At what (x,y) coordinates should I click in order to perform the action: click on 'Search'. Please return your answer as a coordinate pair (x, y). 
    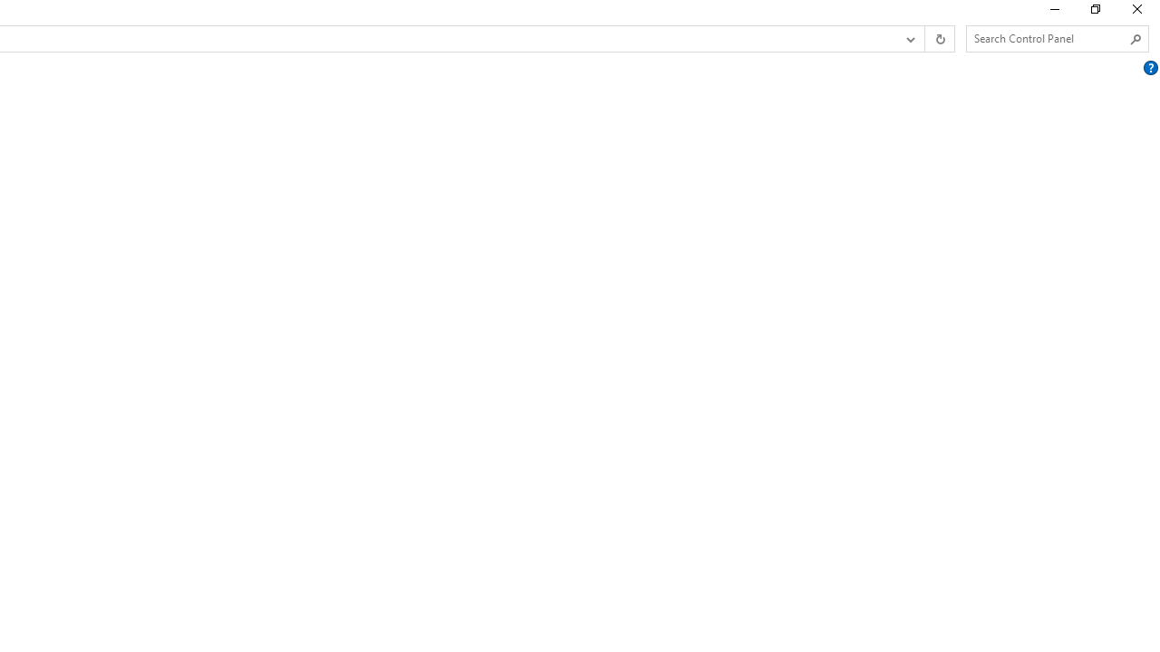
    Looking at the image, I should click on (1135, 39).